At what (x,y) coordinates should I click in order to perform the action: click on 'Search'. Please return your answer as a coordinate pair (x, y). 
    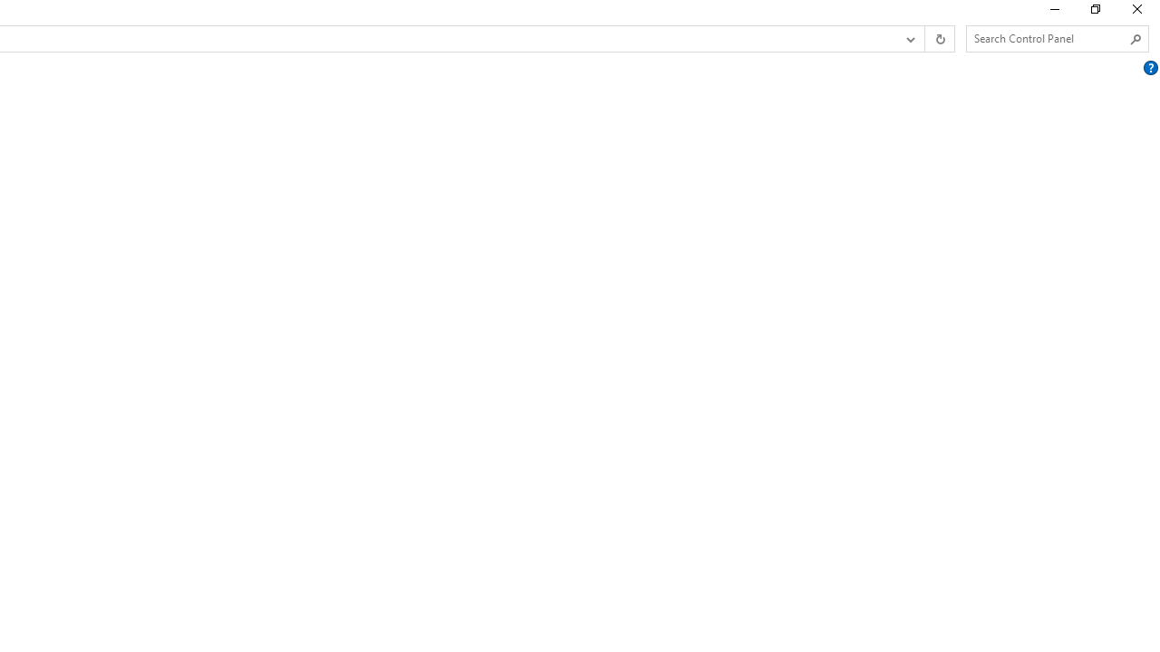
    Looking at the image, I should click on (1135, 39).